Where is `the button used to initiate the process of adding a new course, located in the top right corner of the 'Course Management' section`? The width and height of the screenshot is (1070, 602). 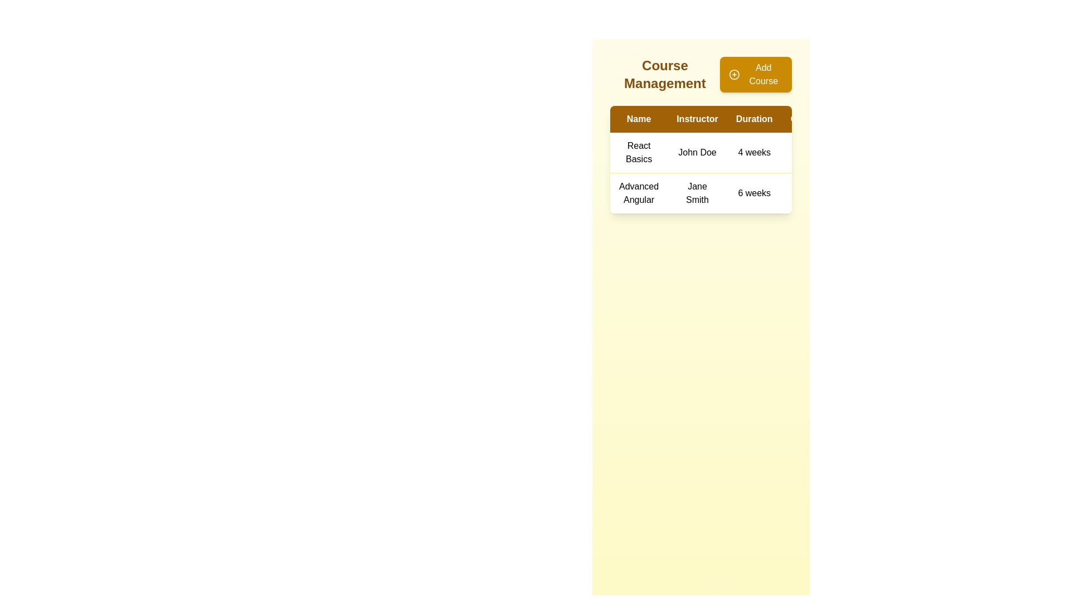 the button used to initiate the process of adding a new course, located in the top right corner of the 'Course Management' section is located at coordinates (756, 75).